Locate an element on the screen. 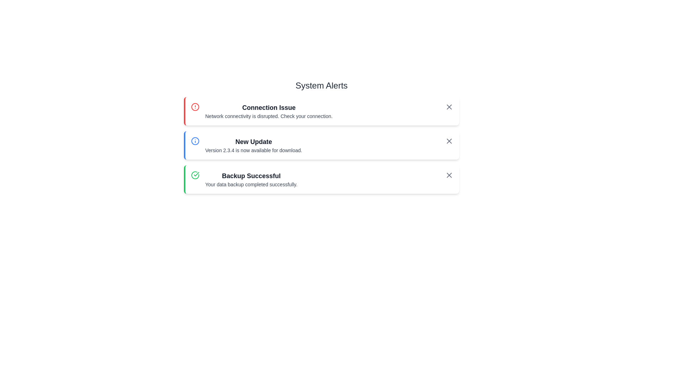  the close button located in the top-right corner of the 'Connection Issue' alert box is located at coordinates (449, 107).